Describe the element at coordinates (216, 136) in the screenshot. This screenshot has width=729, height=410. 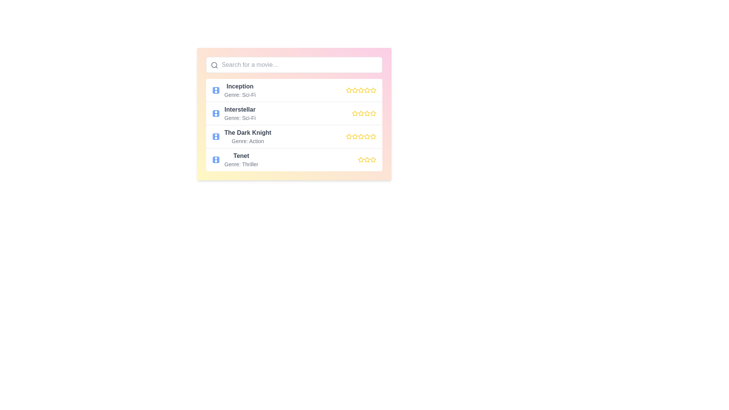
I see `the film icon representing 'The Dark Knight' movie entry, which is located above the genre description and to the left of the text in the vertically stacked list of movie cards` at that location.